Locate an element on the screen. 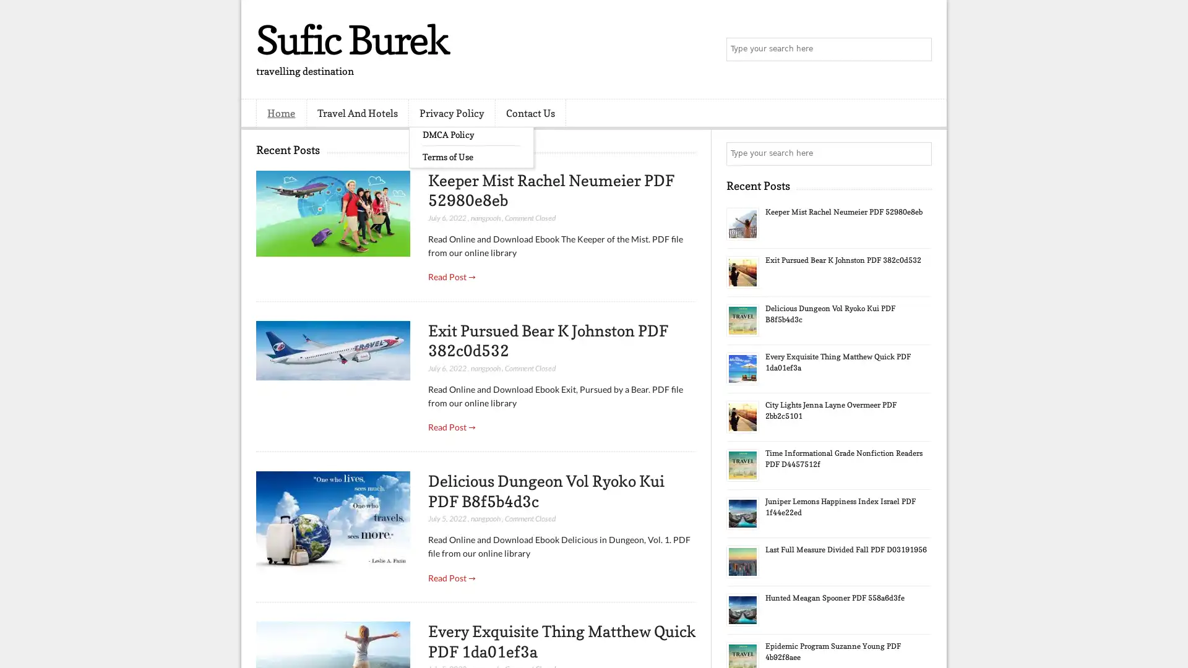  Search is located at coordinates (919, 49).